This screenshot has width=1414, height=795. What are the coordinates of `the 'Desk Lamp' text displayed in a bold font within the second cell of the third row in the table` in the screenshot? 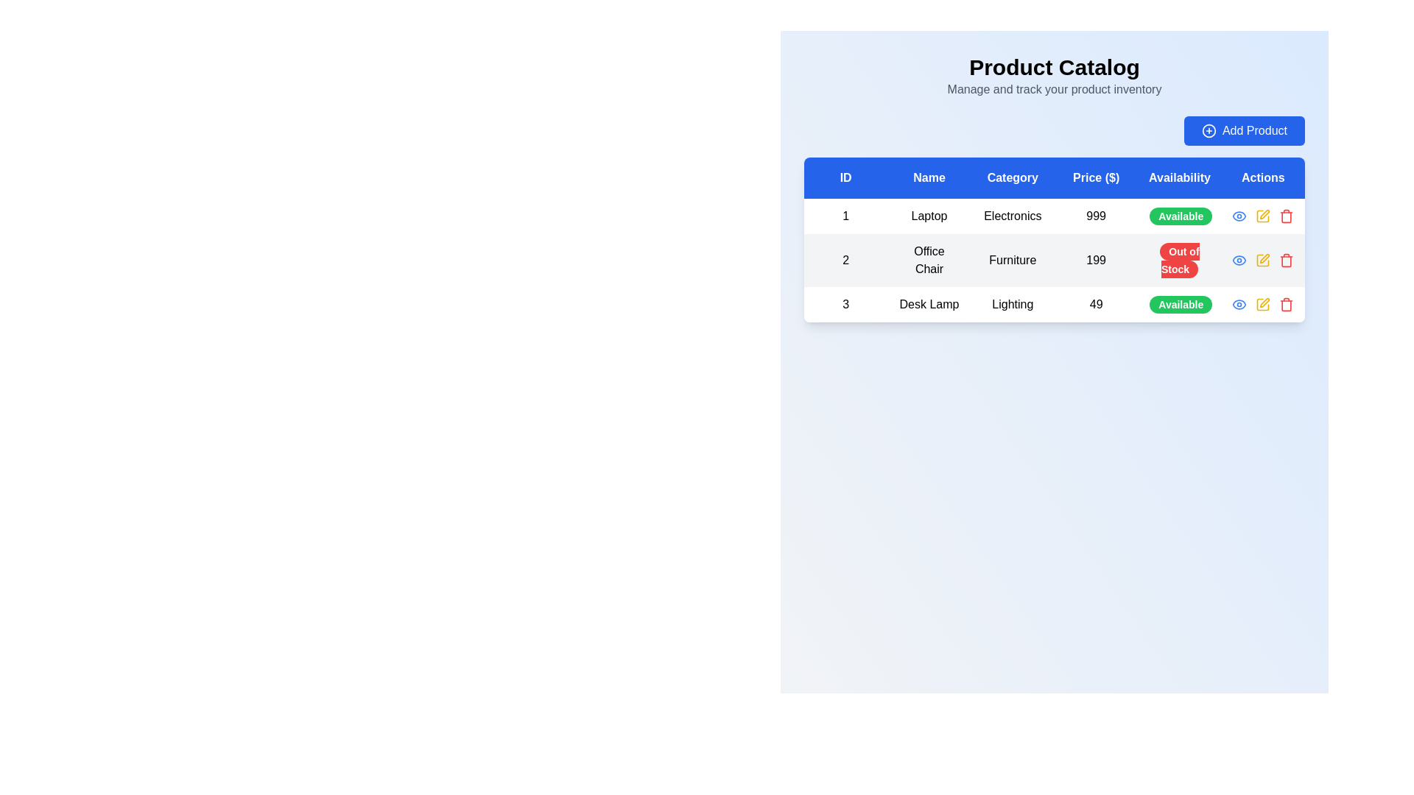 It's located at (929, 303).